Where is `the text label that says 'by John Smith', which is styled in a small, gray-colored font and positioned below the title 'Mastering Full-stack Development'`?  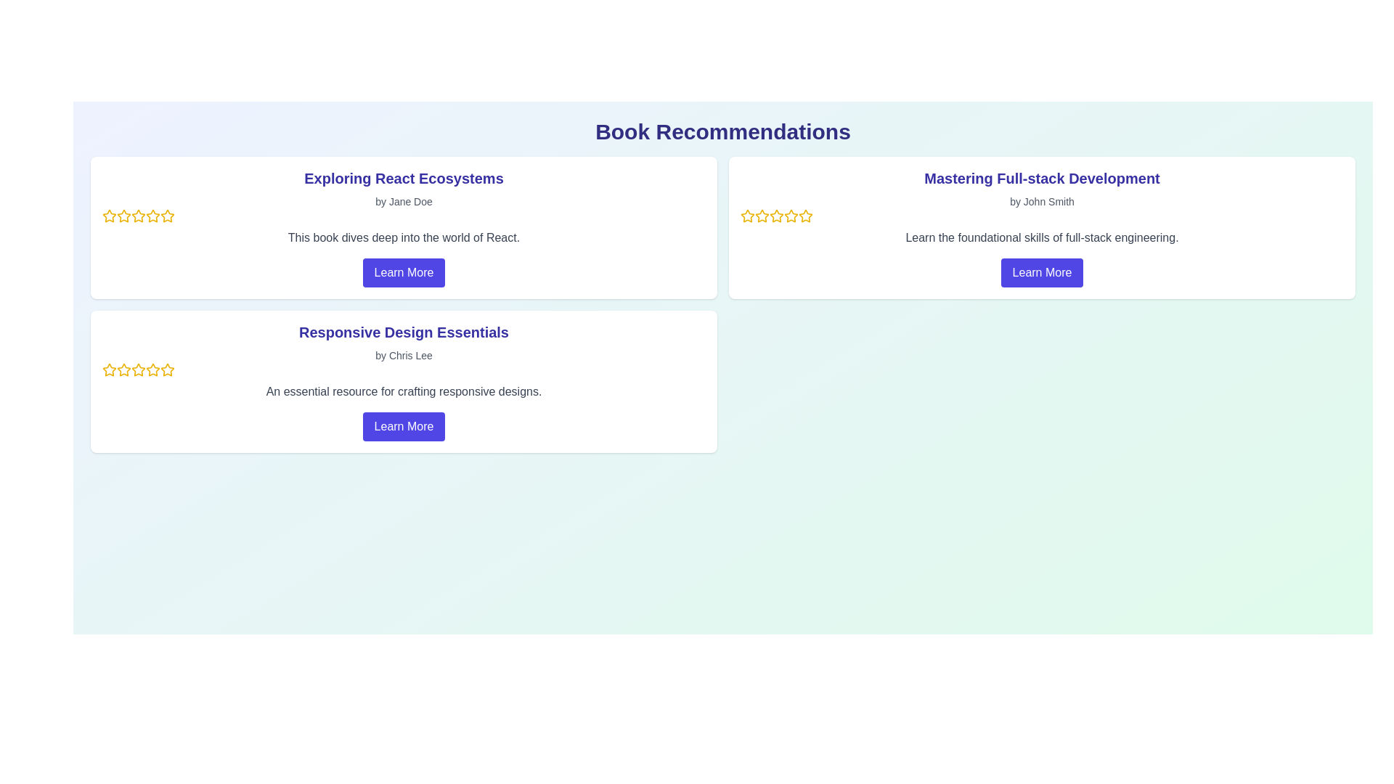
the text label that says 'by John Smith', which is styled in a small, gray-colored font and positioned below the title 'Mastering Full-stack Development' is located at coordinates (1041, 201).